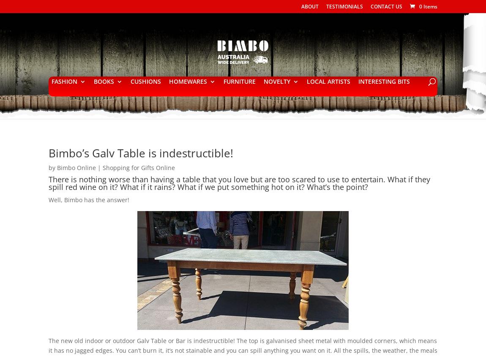 The height and width of the screenshot is (357, 486). What do you see at coordinates (194, 181) in the screenshot?
I see `'SIGNS'` at bounding box center [194, 181].